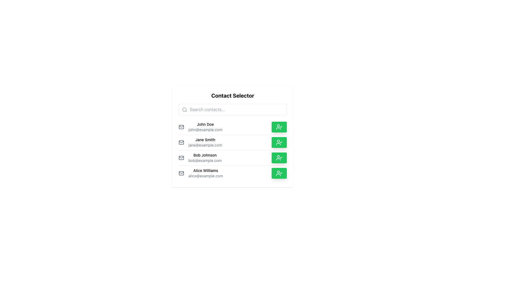 The width and height of the screenshot is (519, 292). I want to click on text block containing the name and email address of the contact, which is the second item in a vertical list of four contact entries, located at the center of the interface, so click(205, 142).